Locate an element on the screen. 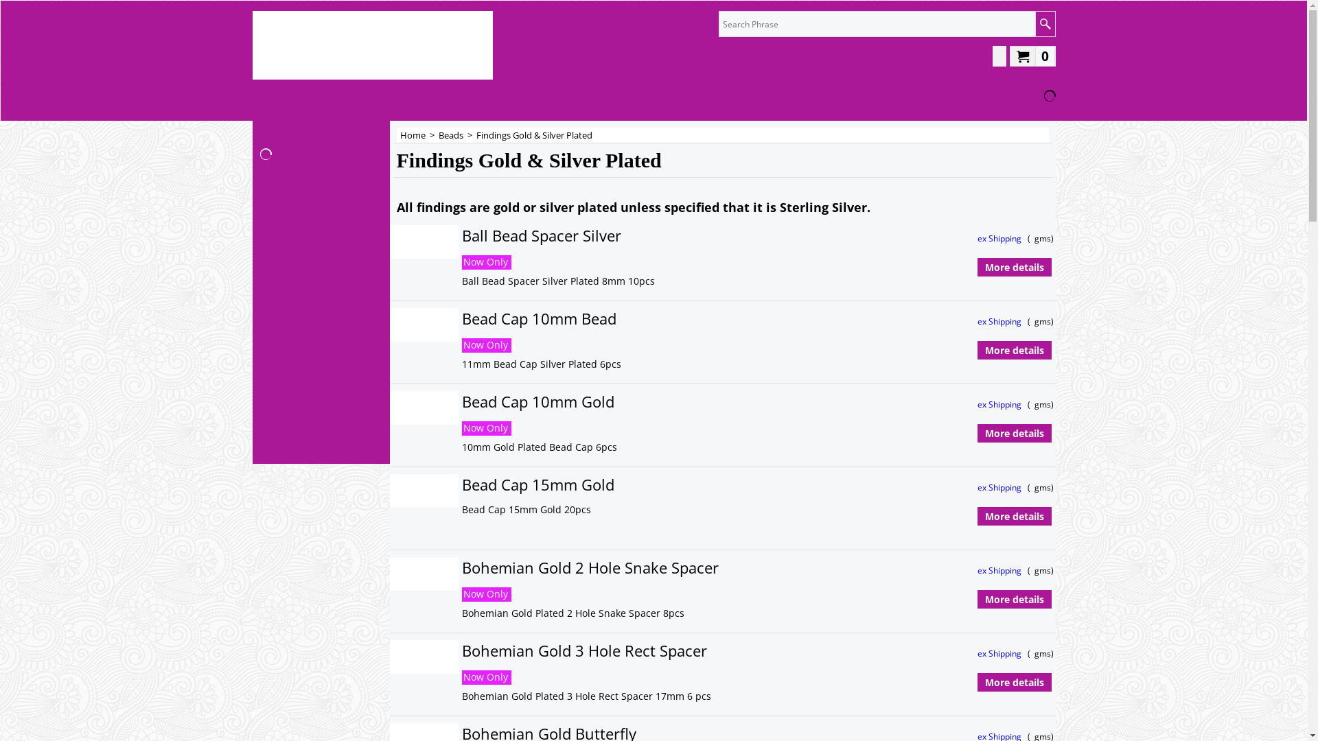 This screenshot has height=741, width=1318. 'ex Shipping' is located at coordinates (1000, 652).